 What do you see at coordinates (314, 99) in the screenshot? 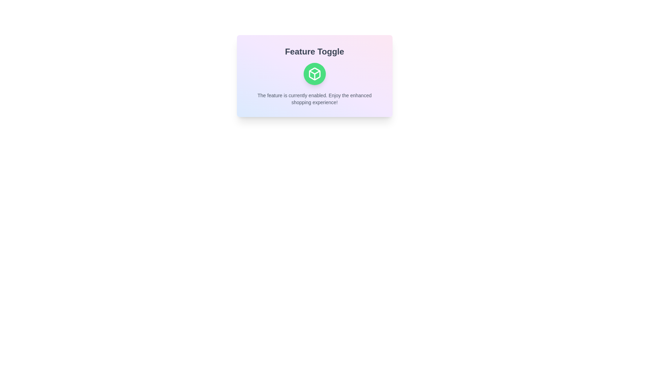
I see `the text block displaying the message 'The feature is currently enabled. Enjoy the enhanced shopping experience!' located beneath the green icon in the 'Feature Toggle' card` at bounding box center [314, 99].